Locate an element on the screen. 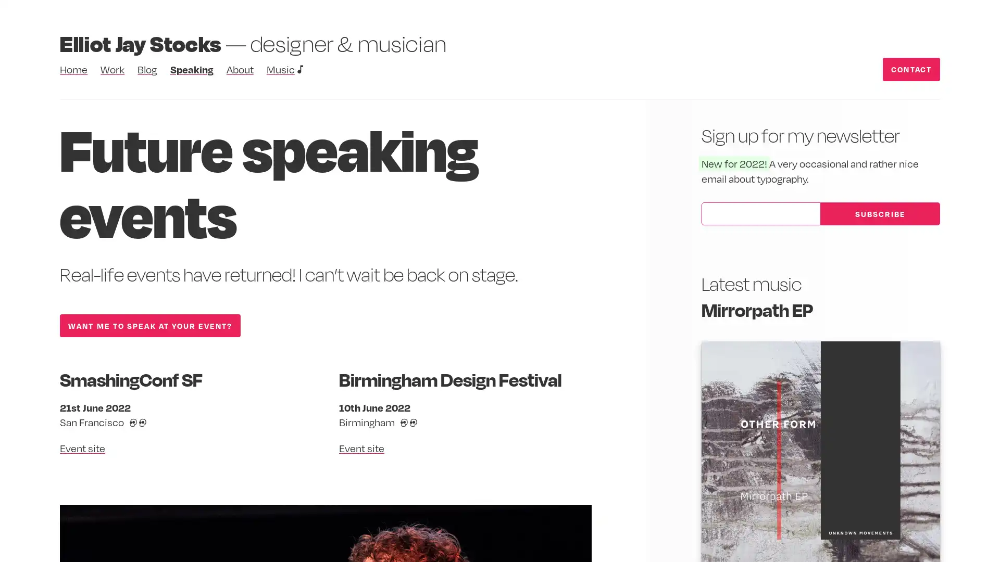 The width and height of the screenshot is (1000, 562). Subscribe is located at coordinates (879, 213).